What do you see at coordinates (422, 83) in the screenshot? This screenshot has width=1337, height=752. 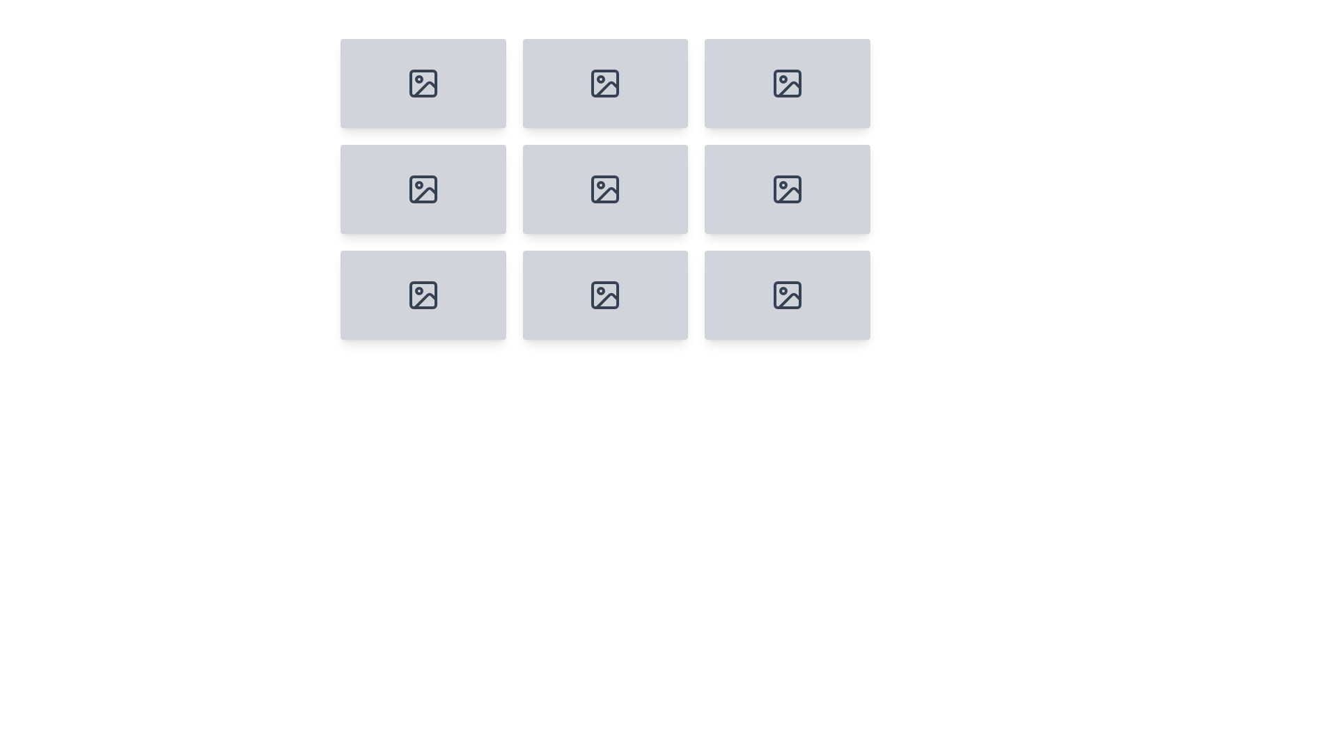 I see `the rectangle graphic located in the top-left grid cell of a 3x3 layout, which serves as a background or visual element for the icon` at bounding box center [422, 83].